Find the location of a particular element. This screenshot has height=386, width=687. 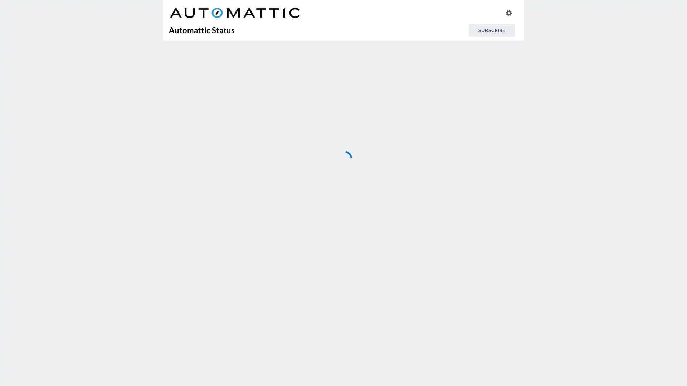

Parse.ly API Response Time : 364 ms is located at coordinates (300, 301).